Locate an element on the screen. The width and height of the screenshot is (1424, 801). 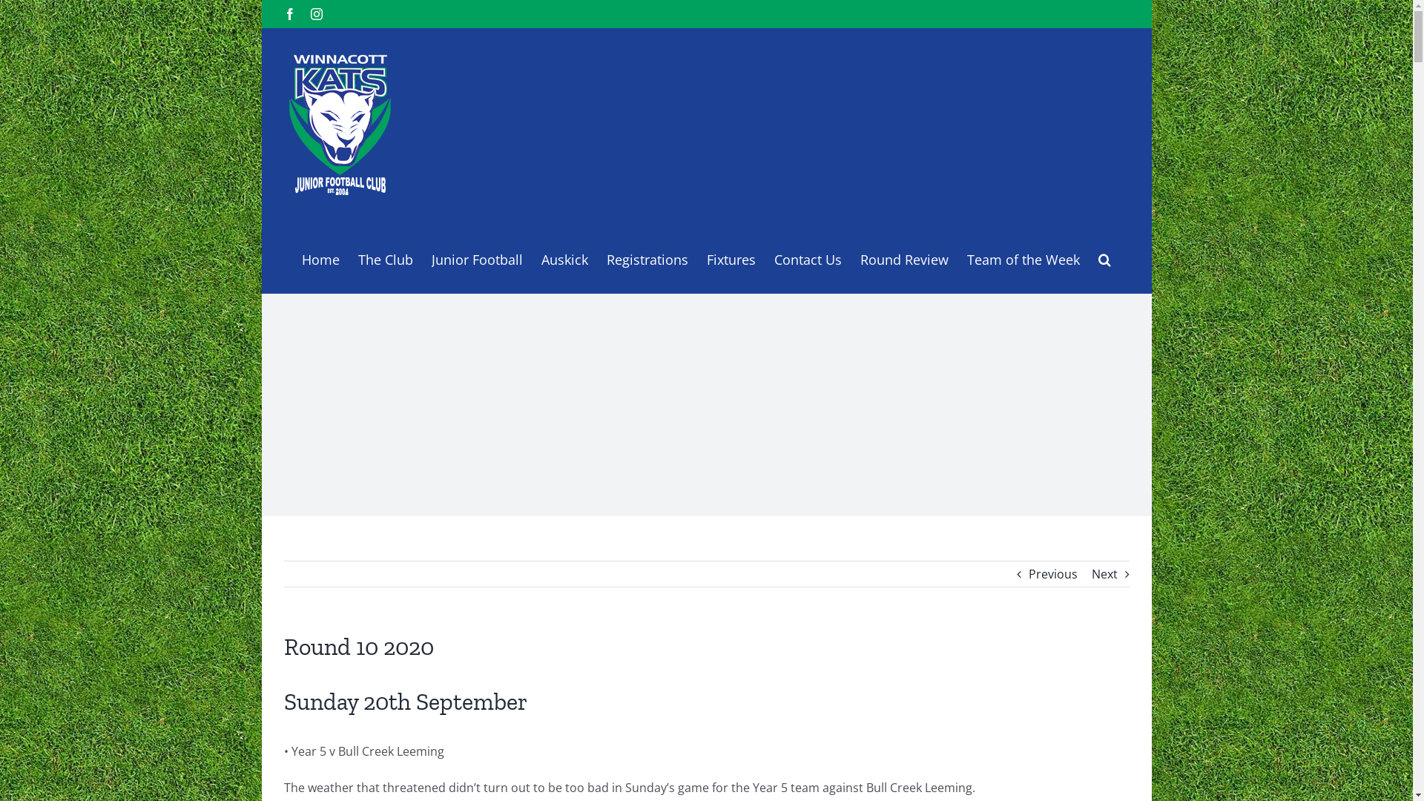
'Previous' is located at coordinates (1052, 573).